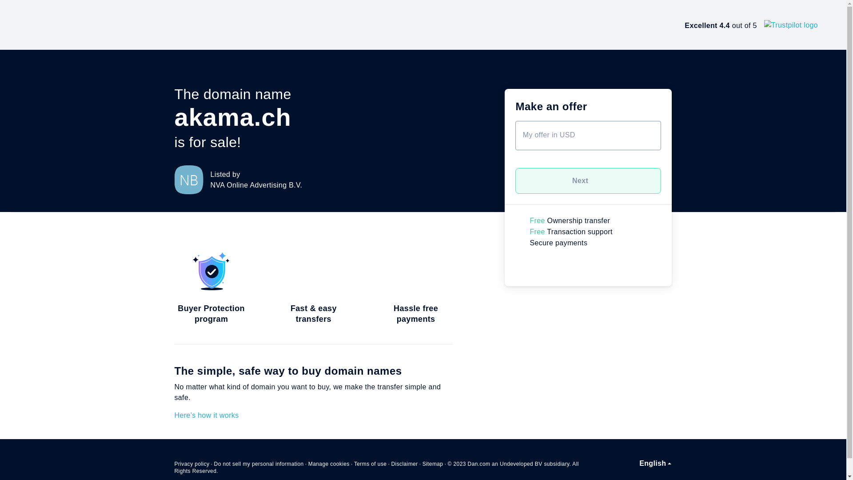 This screenshot has height=480, width=853. Describe the element at coordinates (588, 180) in the screenshot. I see `'Next` at that location.